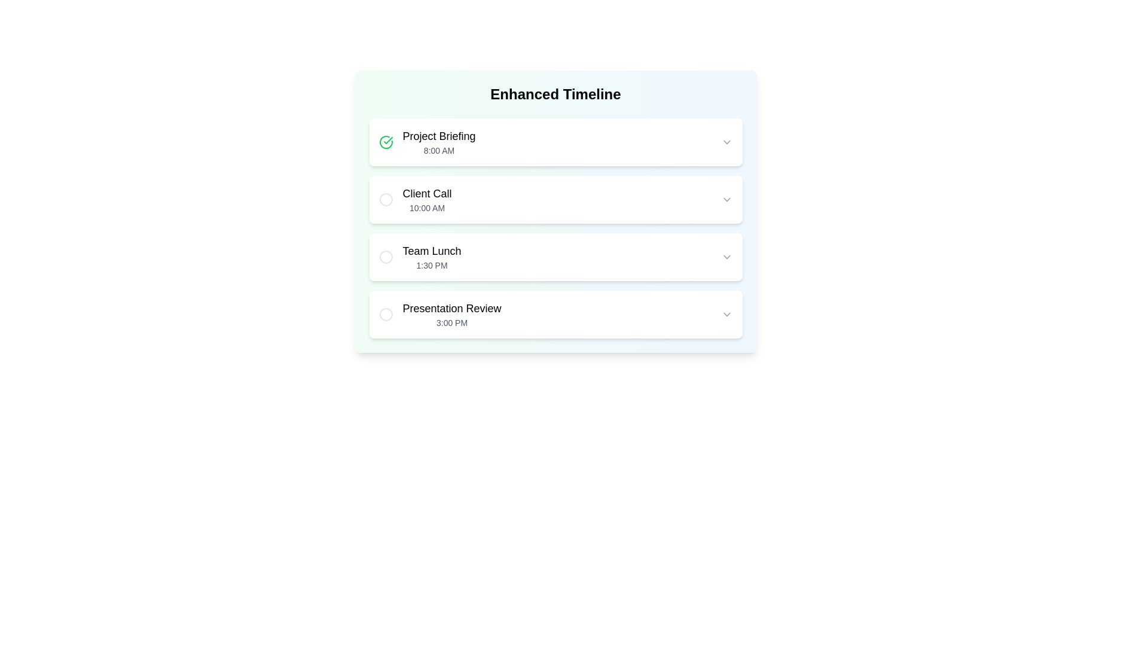 The image size is (1148, 646). What do you see at coordinates (555, 211) in the screenshot?
I see `contents of the timeline card component labeled 'Client Call' which is the second card in the sequence, featuring a gradient background and multiple sections with dropdown arrows` at bounding box center [555, 211].